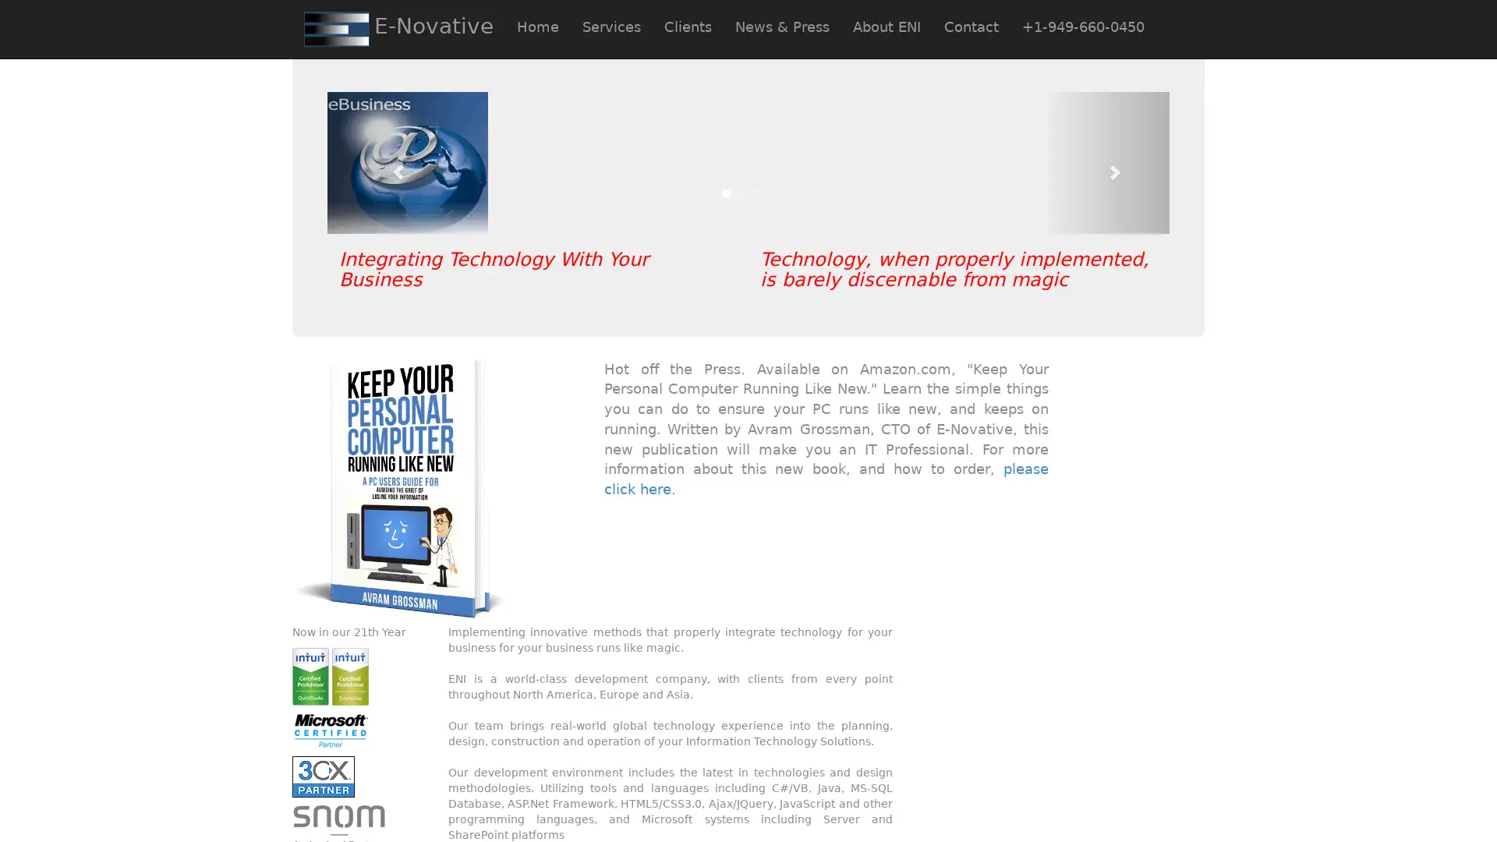 Image resolution: width=1497 pixels, height=842 pixels. What do you see at coordinates (1106, 162) in the screenshot?
I see `Next` at bounding box center [1106, 162].